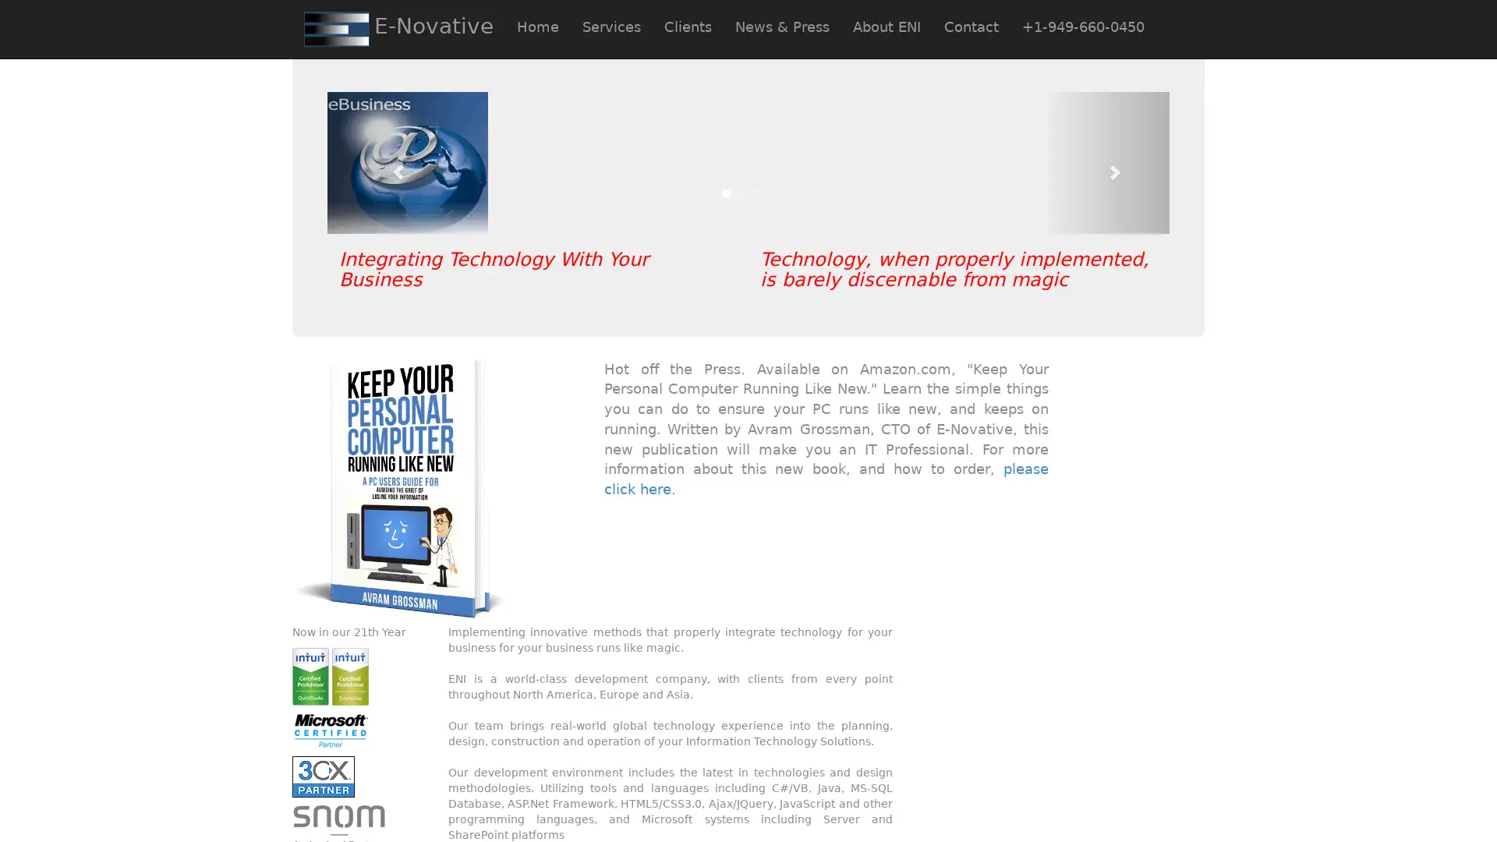 Image resolution: width=1497 pixels, height=842 pixels. What do you see at coordinates (1106, 162) in the screenshot?
I see `Next` at bounding box center [1106, 162].